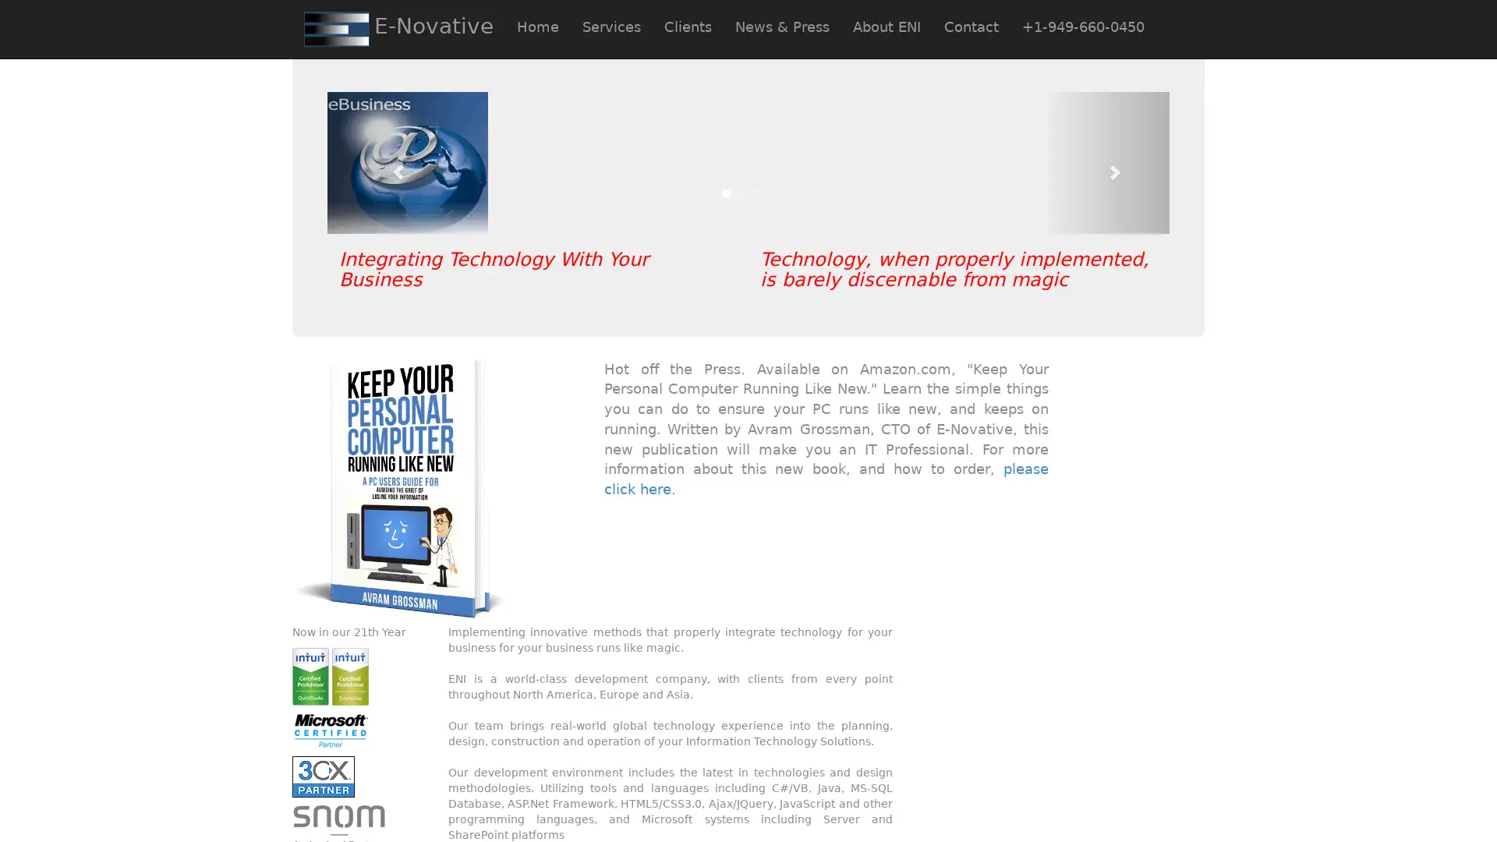 Image resolution: width=1497 pixels, height=842 pixels. What do you see at coordinates (1106, 162) in the screenshot?
I see `Next` at bounding box center [1106, 162].